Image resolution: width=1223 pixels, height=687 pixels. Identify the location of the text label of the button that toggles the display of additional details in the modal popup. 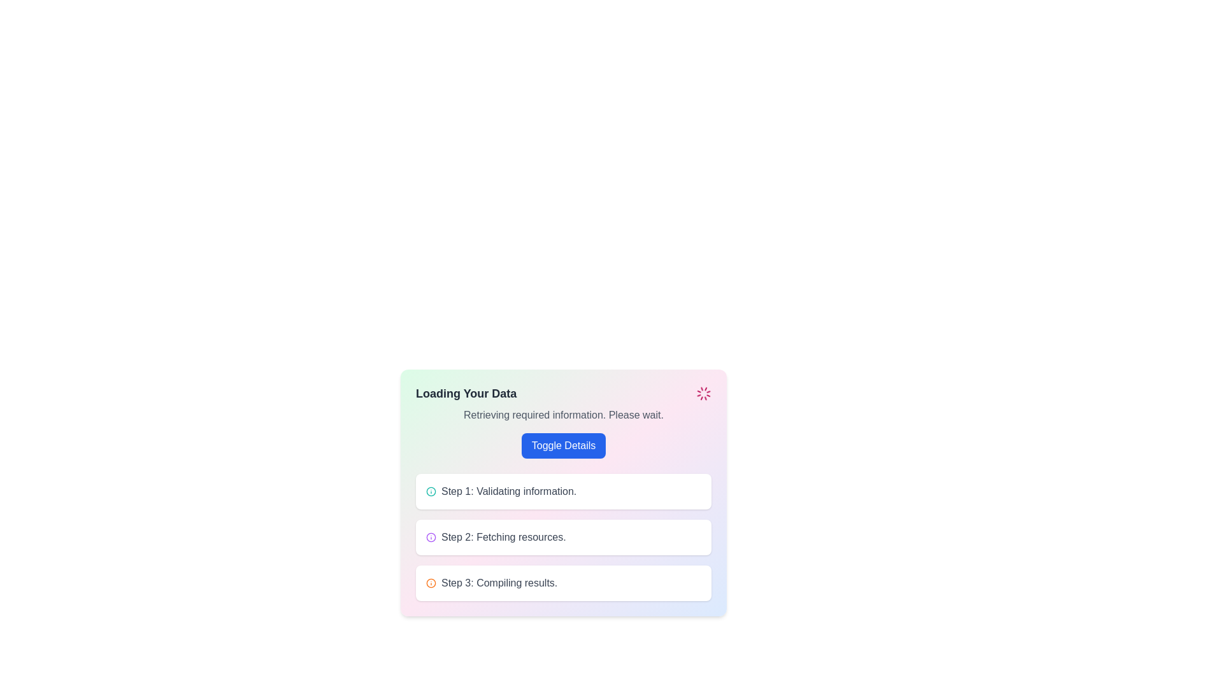
(562, 445).